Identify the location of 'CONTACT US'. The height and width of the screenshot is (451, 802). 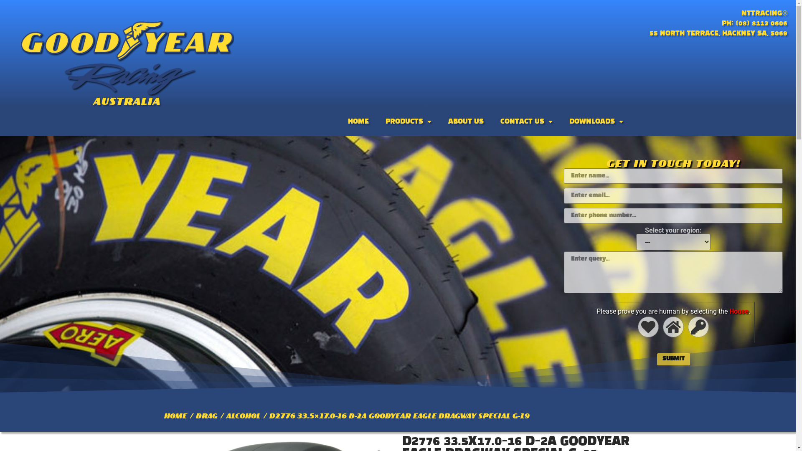
(526, 121).